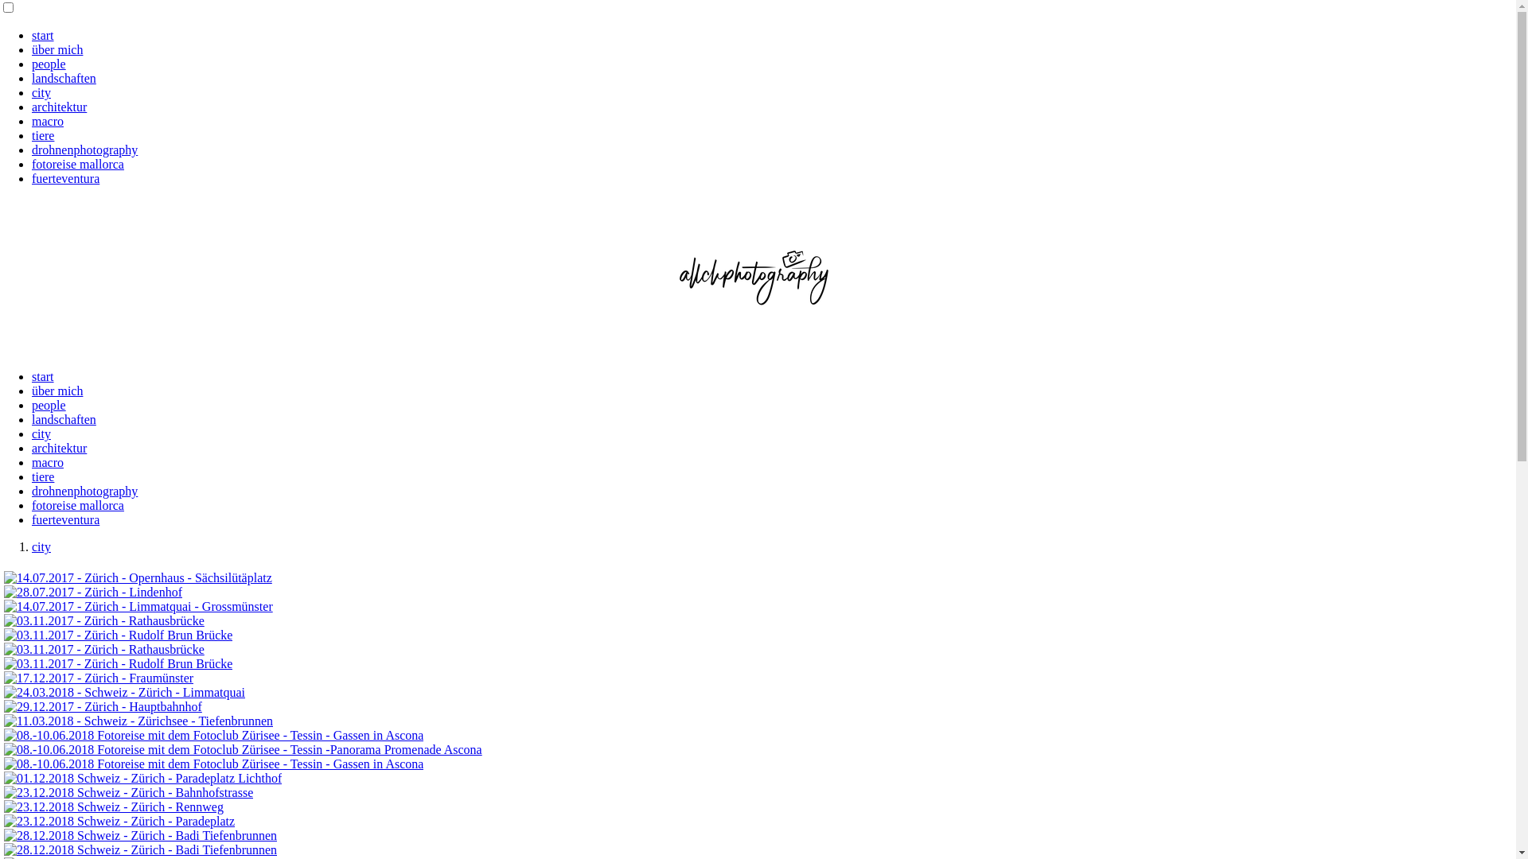  What do you see at coordinates (47, 120) in the screenshot?
I see `'macro'` at bounding box center [47, 120].